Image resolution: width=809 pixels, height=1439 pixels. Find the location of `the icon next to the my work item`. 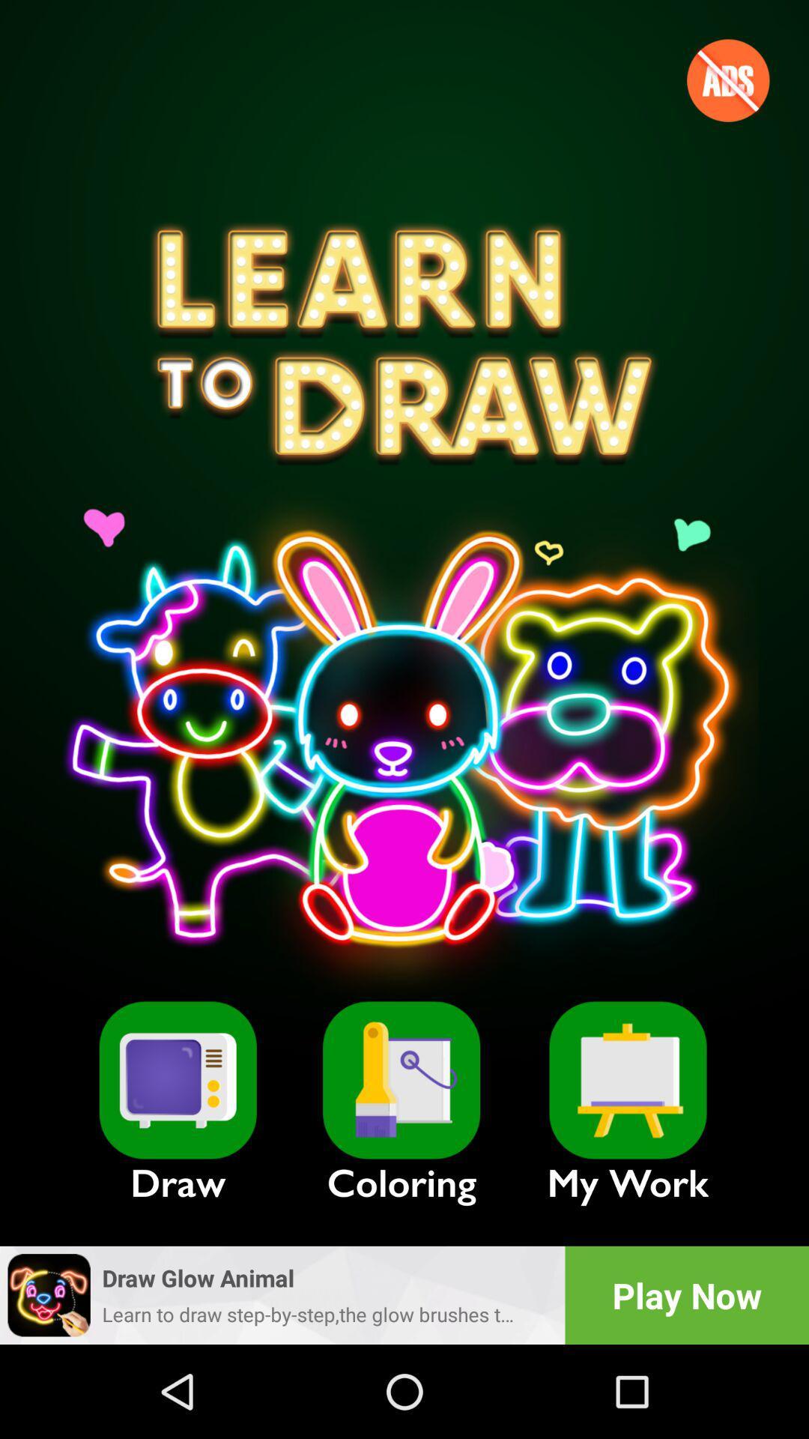

the icon next to the my work item is located at coordinates (401, 1080).